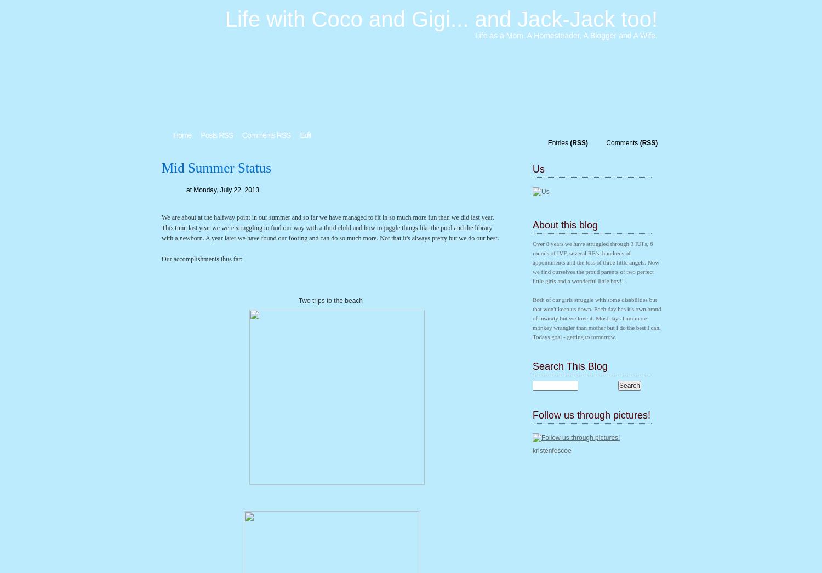  What do you see at coordinates (330, 300) in the screenshot?
I see `'Two trips to the beach'` at bounding box center [330, 300].